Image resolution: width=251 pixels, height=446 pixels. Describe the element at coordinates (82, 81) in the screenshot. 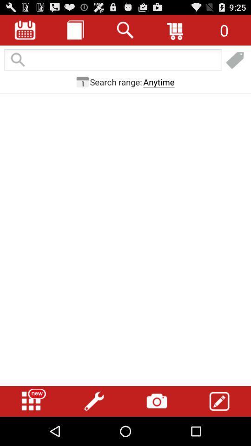

I see `the icon to the left of search range:` at that location.